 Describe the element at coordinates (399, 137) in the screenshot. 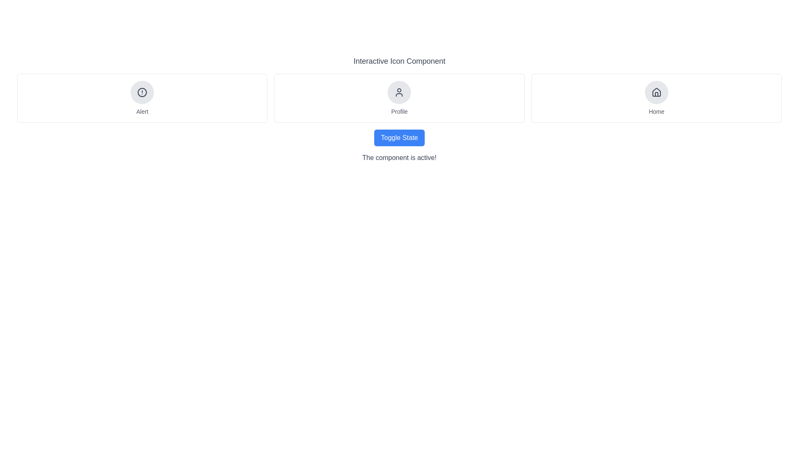

I see `the 'Toggle State' button, which is a rectangular button with a blue background and white text` at that location.